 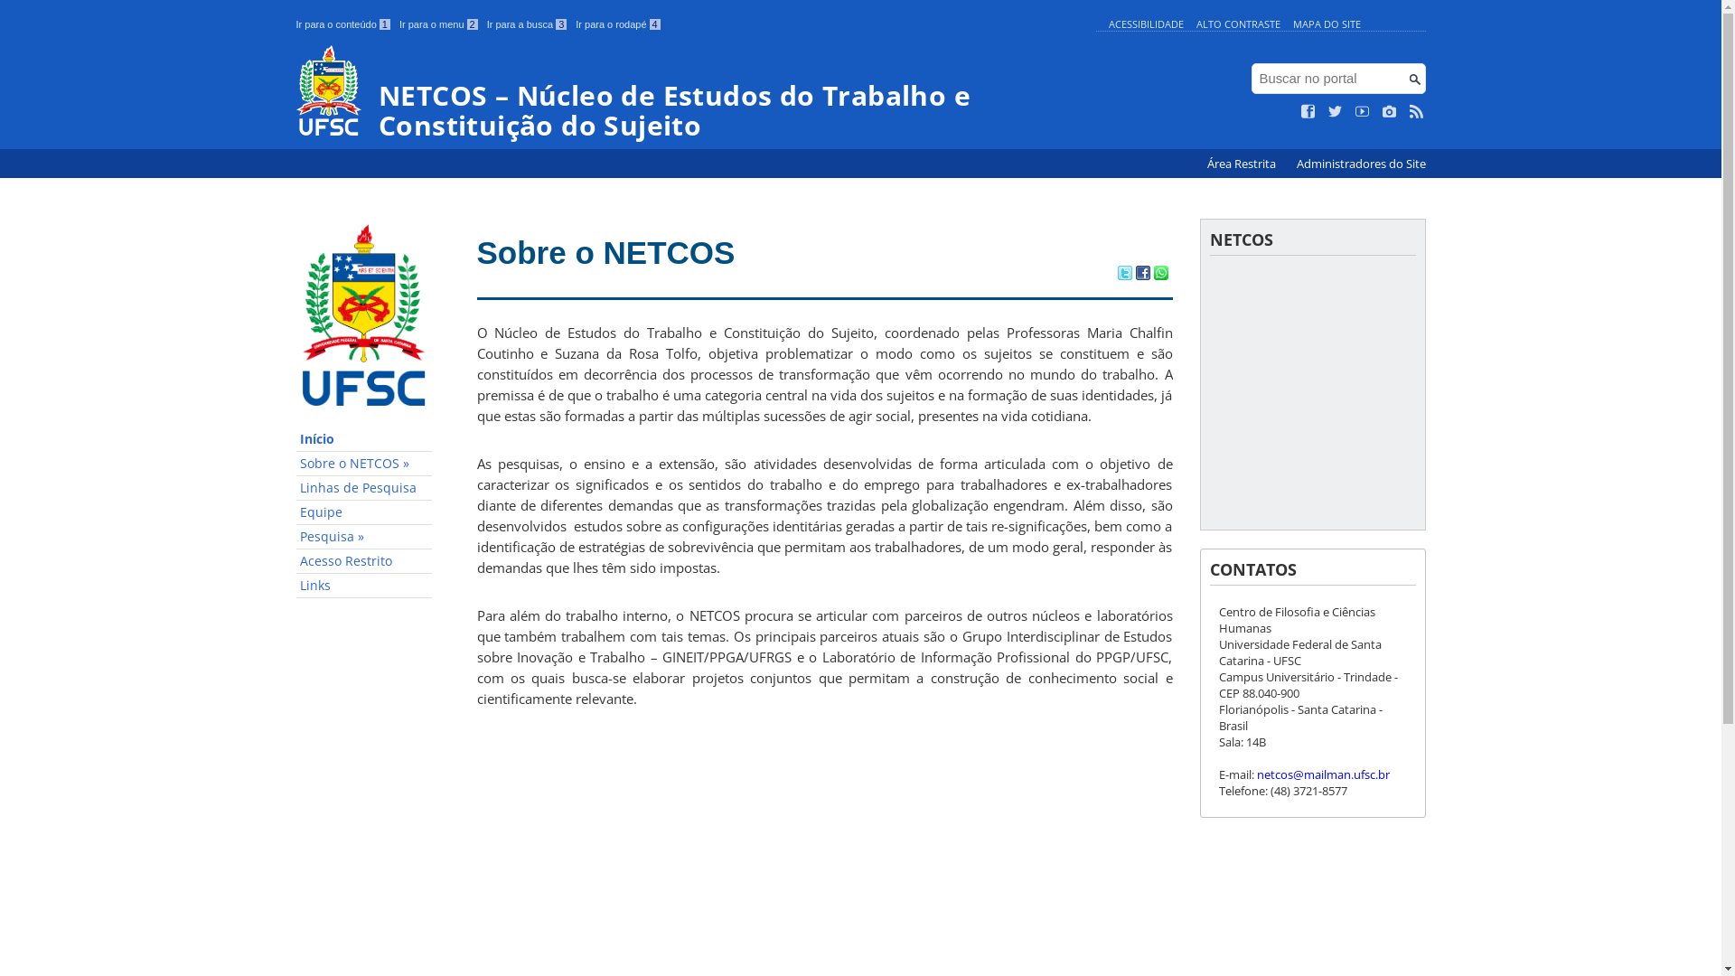 What do you see at coordinates (363, 560) in the screenshot?
I see `'Acesso Restrito'` at bounding box center [363, 560].